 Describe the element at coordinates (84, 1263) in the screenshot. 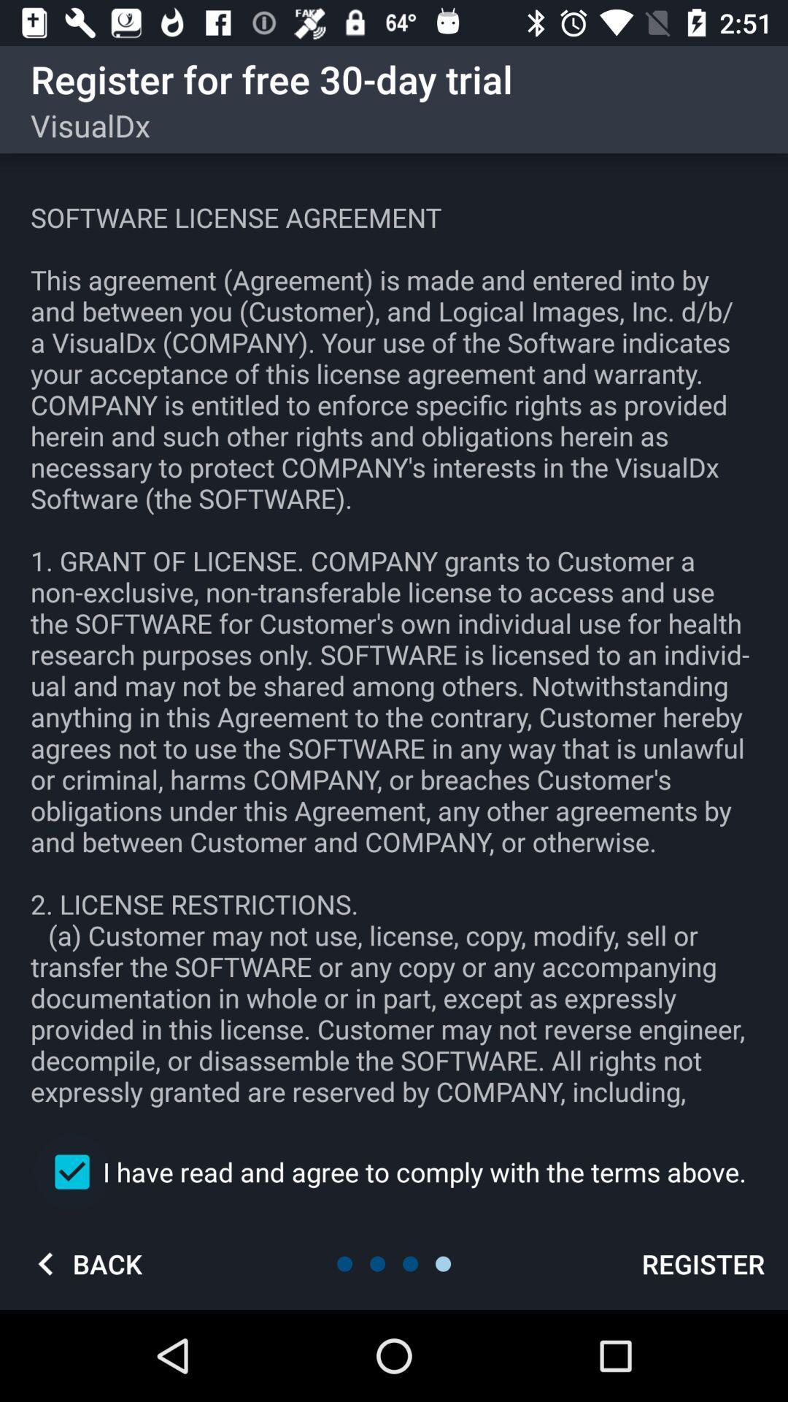

I see `back icon` at that location.